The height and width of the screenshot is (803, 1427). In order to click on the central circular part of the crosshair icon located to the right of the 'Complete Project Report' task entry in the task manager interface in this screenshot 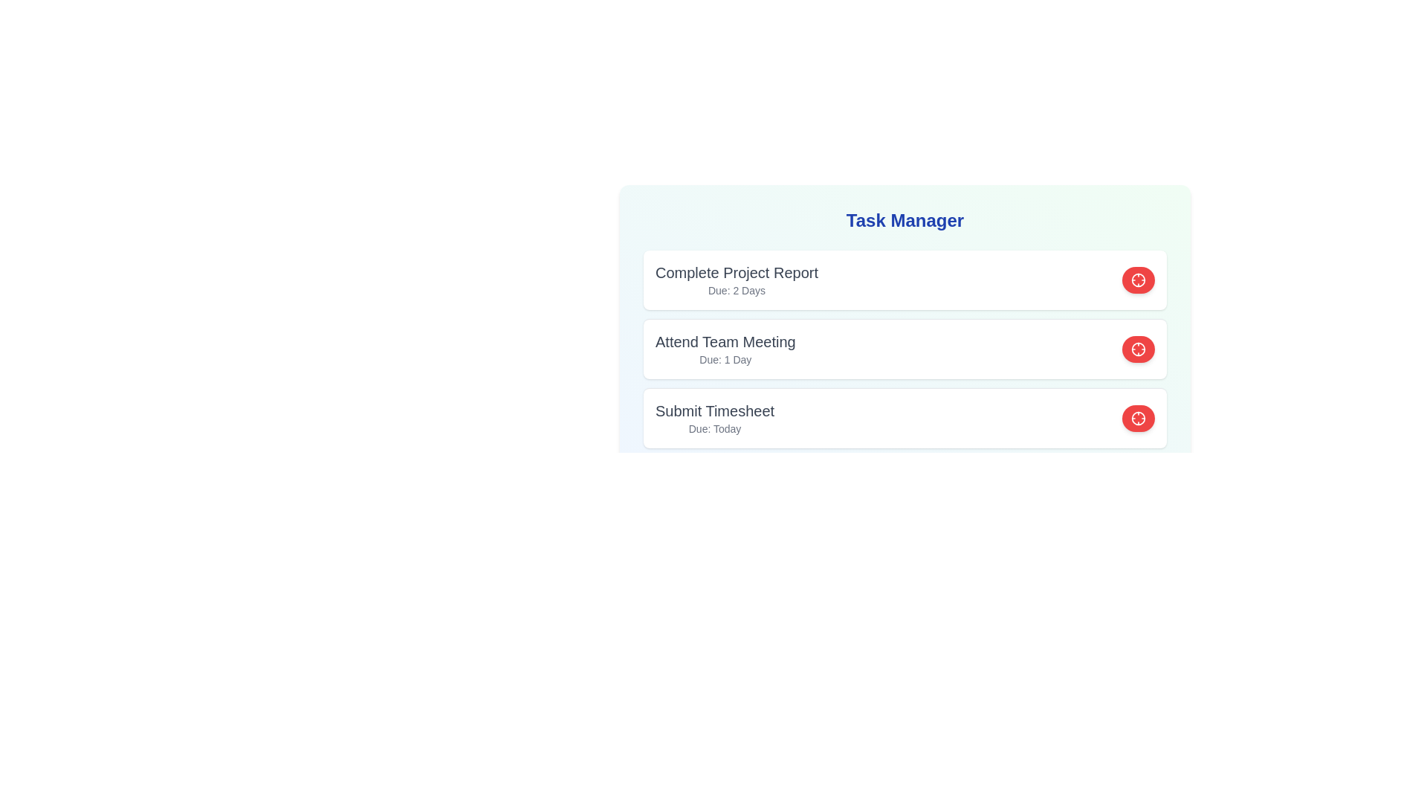, I will do `click(1137, 280)`.